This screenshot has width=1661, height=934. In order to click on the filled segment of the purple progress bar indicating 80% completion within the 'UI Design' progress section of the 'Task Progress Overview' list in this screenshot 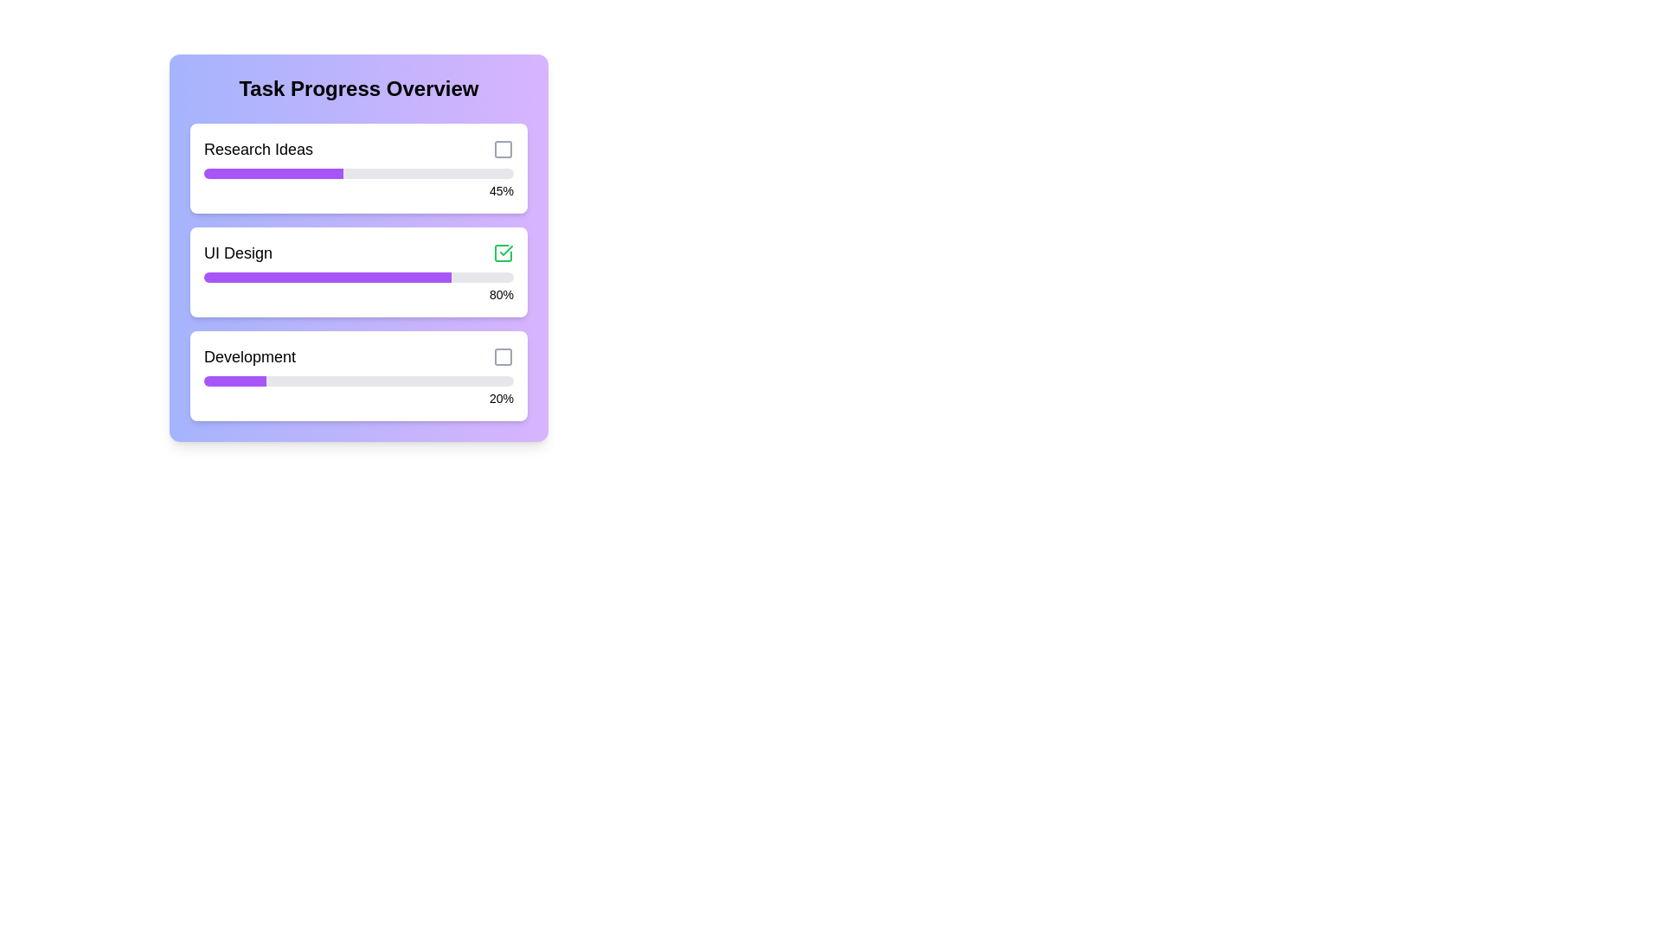, I will do `click(328, 276)`.